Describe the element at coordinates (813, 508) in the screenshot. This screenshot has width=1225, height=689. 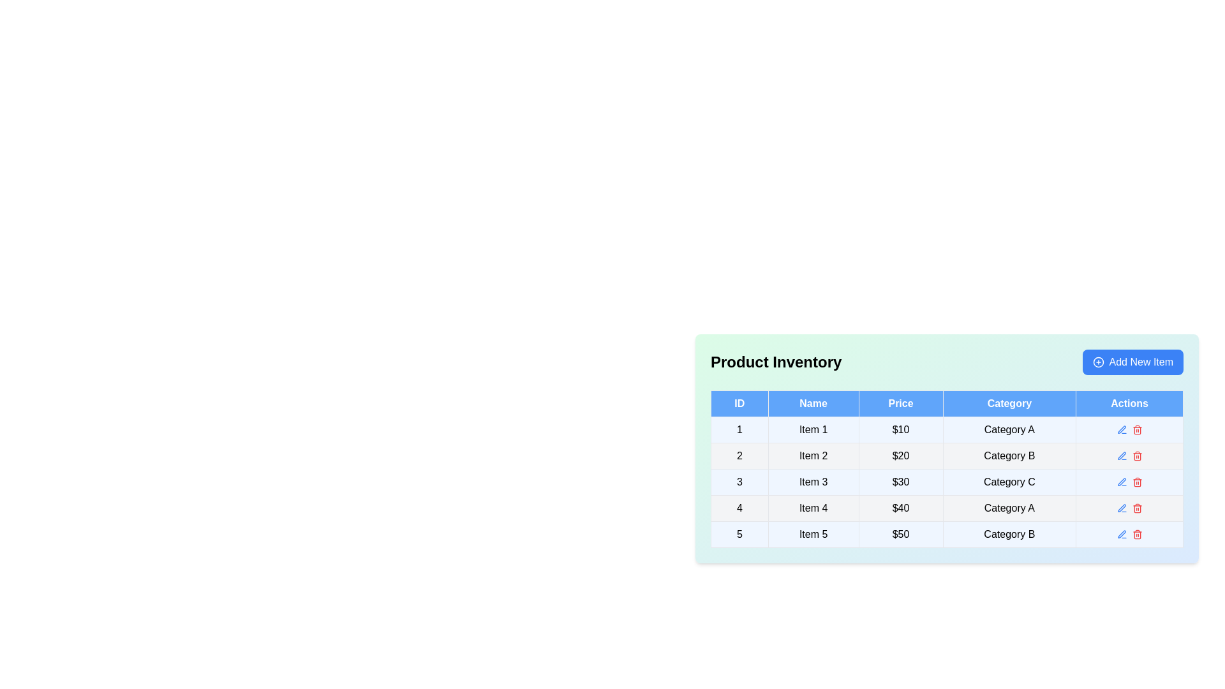
I see `the table cell containing the text 'Item 4' located in the fourth row of the table under the 'Name' column` at that location.